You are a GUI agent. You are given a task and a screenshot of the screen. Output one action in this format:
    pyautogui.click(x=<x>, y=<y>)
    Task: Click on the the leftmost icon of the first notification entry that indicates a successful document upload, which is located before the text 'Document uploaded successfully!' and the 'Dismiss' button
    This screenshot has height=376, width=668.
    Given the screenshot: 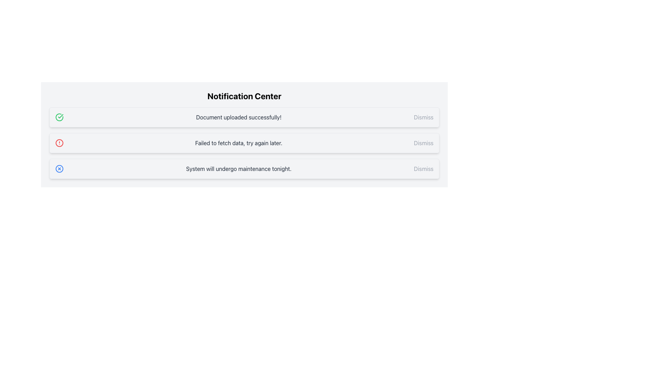 What is the action you would take?
    pyautogui.click(x=59, y=117)
    